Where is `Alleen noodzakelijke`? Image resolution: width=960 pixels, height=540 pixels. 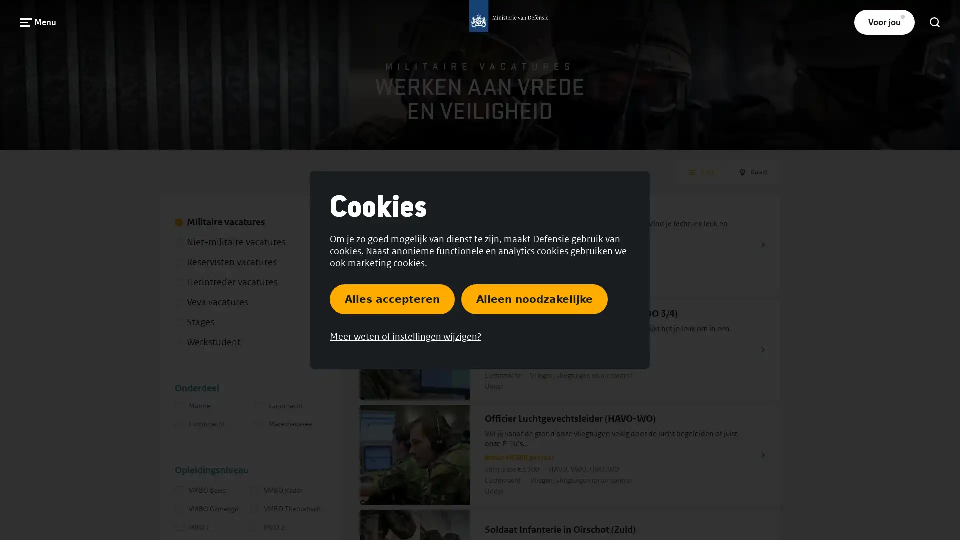
Alleen noodzakelijke is located at coordinates (534, 298).